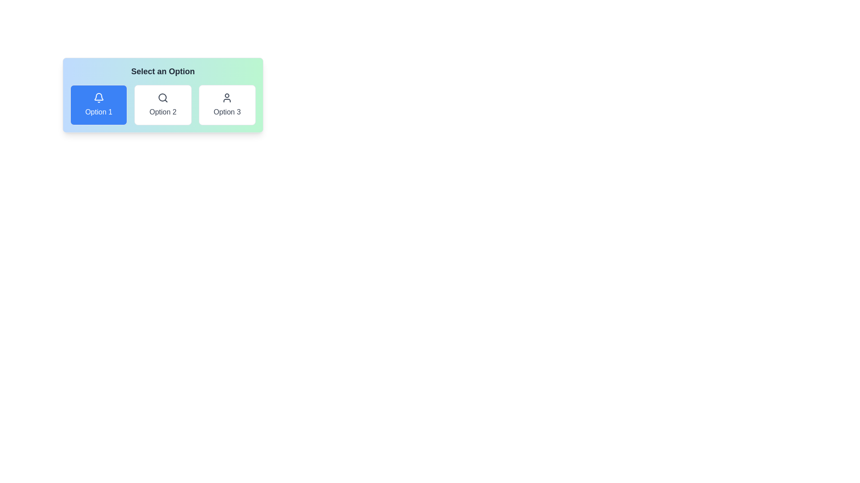 The image size is (860, 483). Describe the element at coordinates (99, 98) in the screenshot. I see `the bell icon located within the 'Option 1' button, which is the leftmost button in a group of three options on the card labeled 'Select an Option'` at that location.